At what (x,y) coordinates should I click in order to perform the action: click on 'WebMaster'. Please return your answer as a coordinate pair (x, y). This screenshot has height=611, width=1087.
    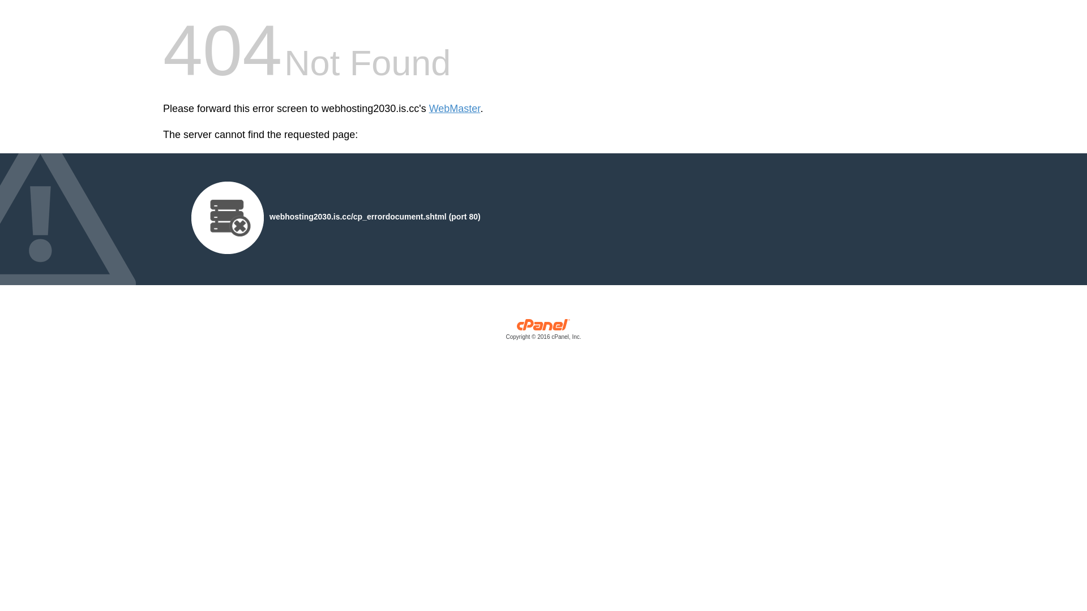
    Looking at the image, I should click on (429, 109).